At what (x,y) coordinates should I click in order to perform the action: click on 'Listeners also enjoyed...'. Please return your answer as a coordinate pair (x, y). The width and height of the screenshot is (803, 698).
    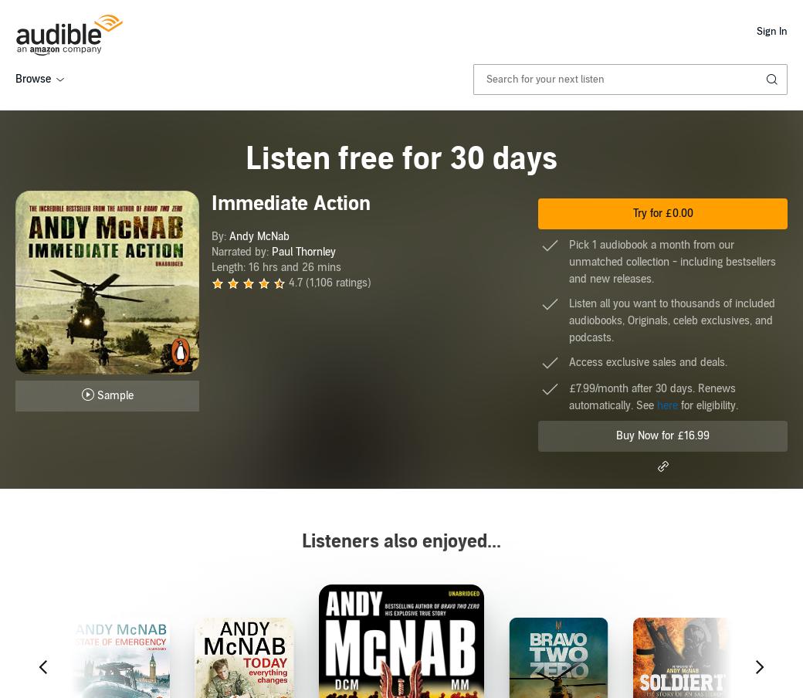
    Looking at the image, I should click on (401, 540).